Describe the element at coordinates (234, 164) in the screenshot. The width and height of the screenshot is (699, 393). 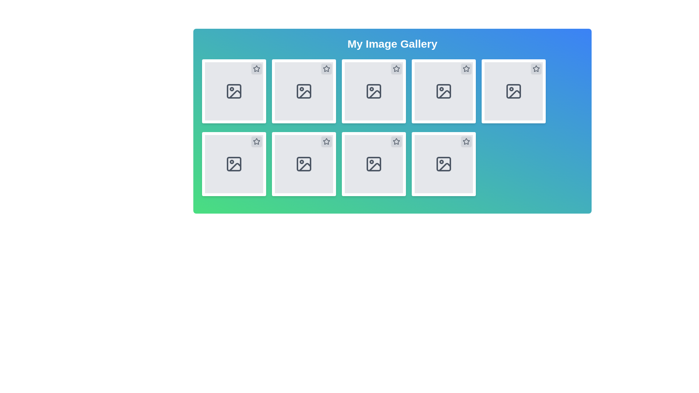
I see `the icon in the lower-left position of a 3x3 grid, which serves as a placeholder for an image, to interact with it` at that location.